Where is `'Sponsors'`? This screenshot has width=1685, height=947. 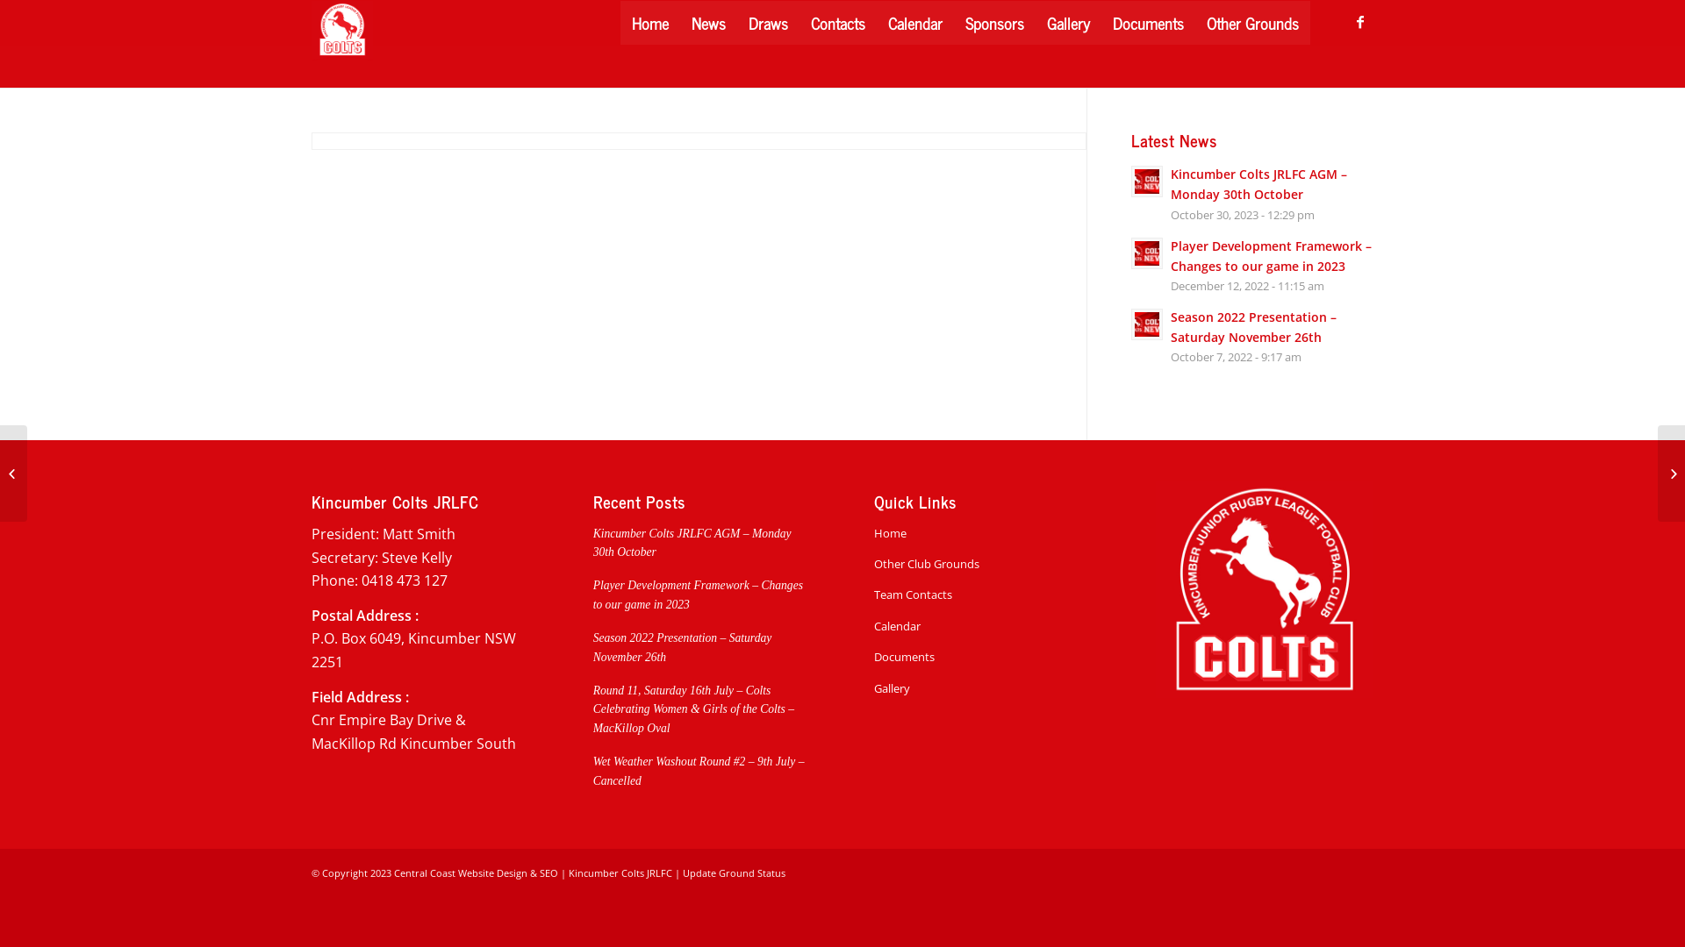 'Sponsors' is located at coordinates (952, 23).